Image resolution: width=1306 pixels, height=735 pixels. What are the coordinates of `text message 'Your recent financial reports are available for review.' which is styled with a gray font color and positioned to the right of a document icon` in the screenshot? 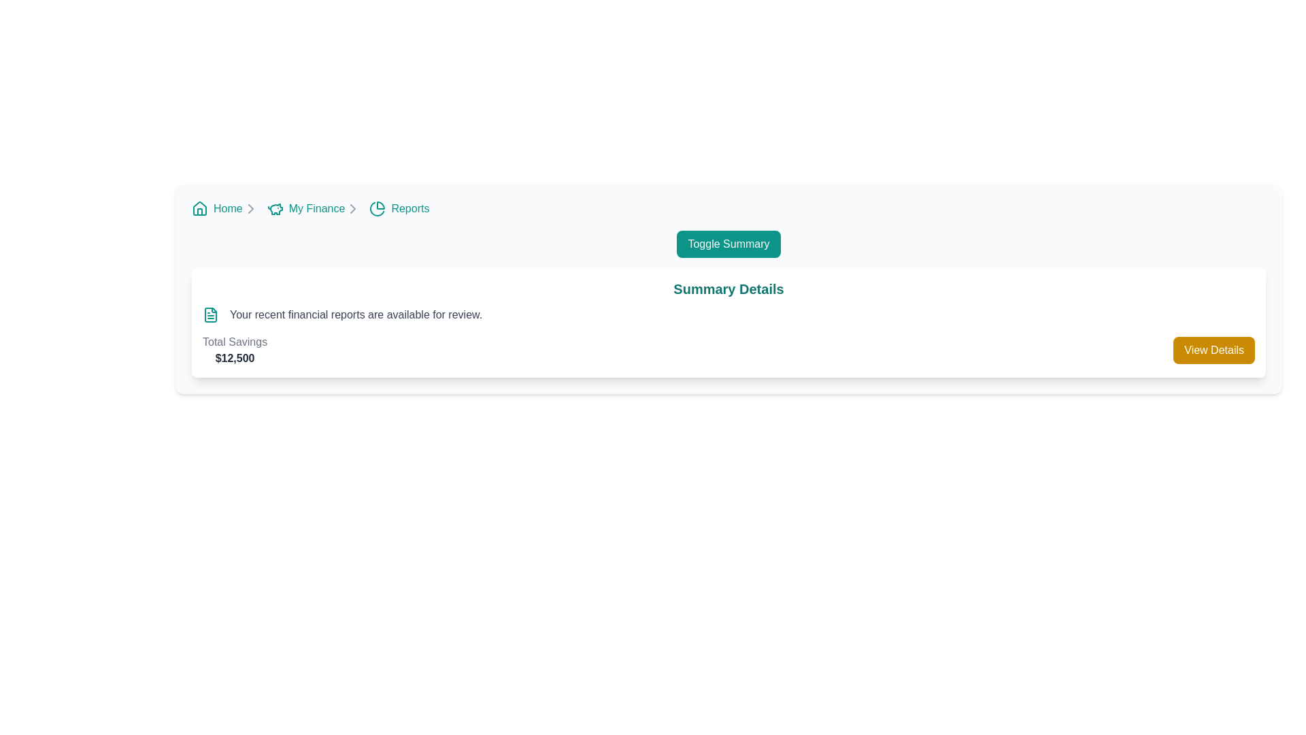 It's located at (356, 314).